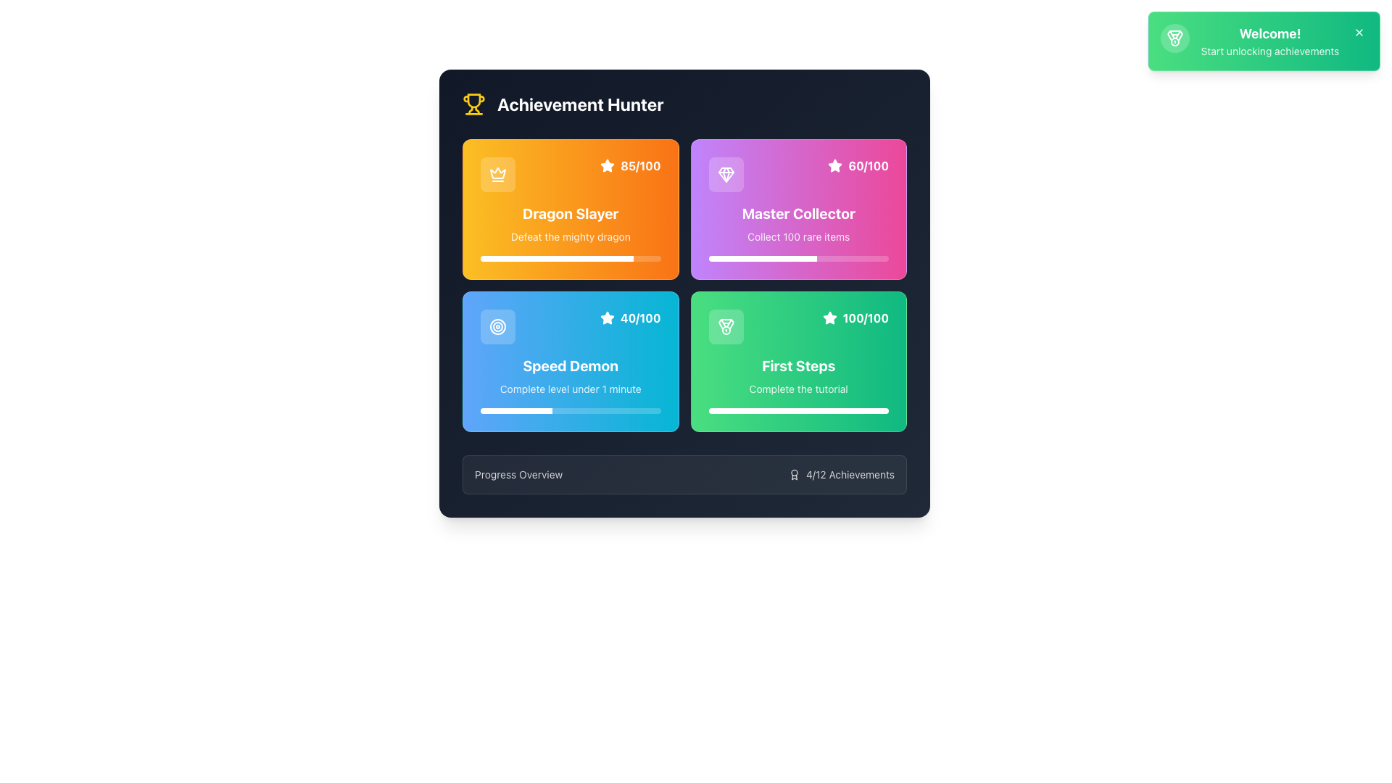  What do you see at coordinates (1263, 41) in the screenshot?
I see `the informational banner located in the top-right corner of the interface, which provides initial instructions and encouragement regarding achievements` at bounding box center [1263, 41].